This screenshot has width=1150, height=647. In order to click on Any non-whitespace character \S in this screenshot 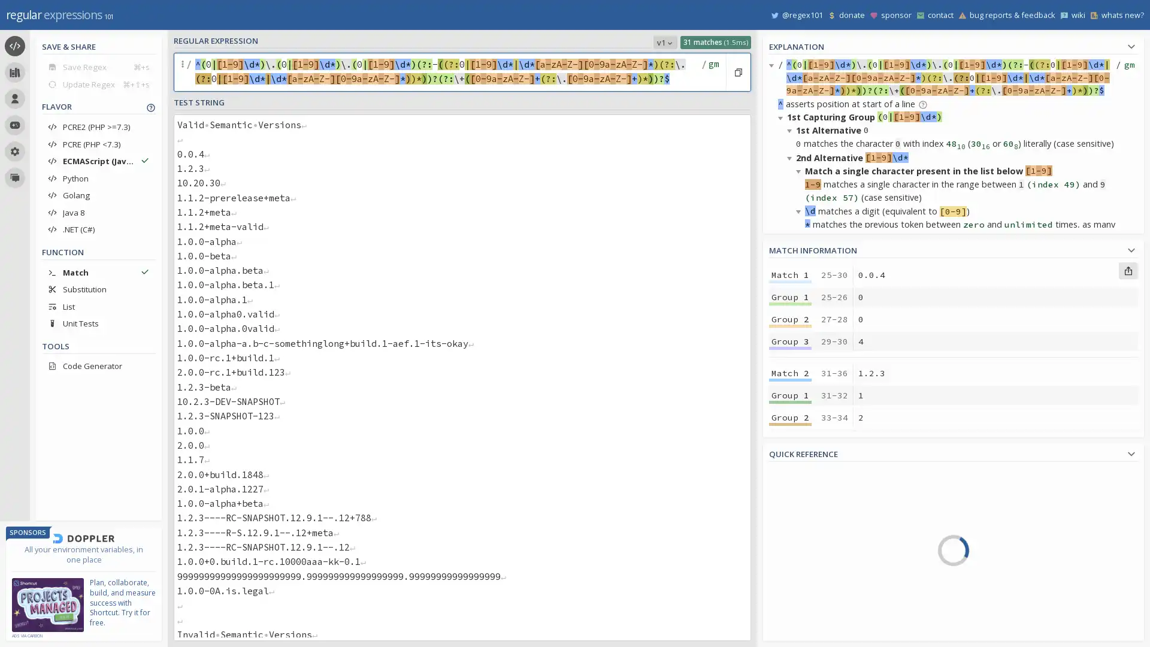, I will do `click(1013, 610)`.